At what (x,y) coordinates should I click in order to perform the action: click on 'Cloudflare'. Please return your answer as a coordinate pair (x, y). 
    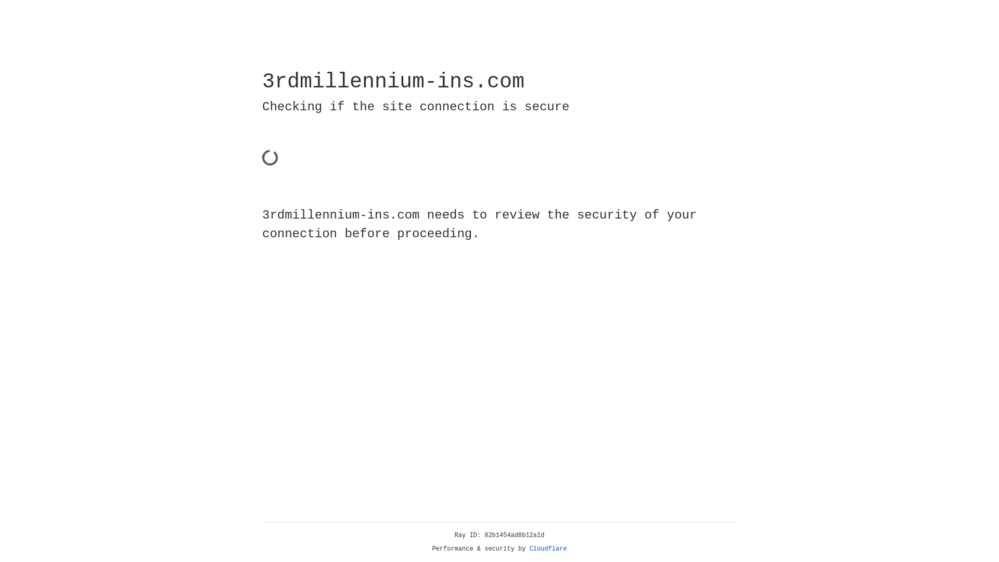
    Looking at the image, I should click on (548, 548).